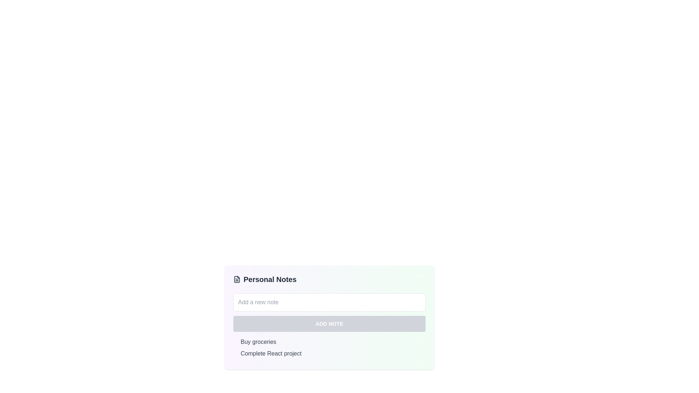 This screenshot has height=393, width=699. I want to click on the bulleted list containing 'Buy groceries' and 'Complete React project' below the 'Add Note' button in the 'Personal Notes' section, so click(329, 348).